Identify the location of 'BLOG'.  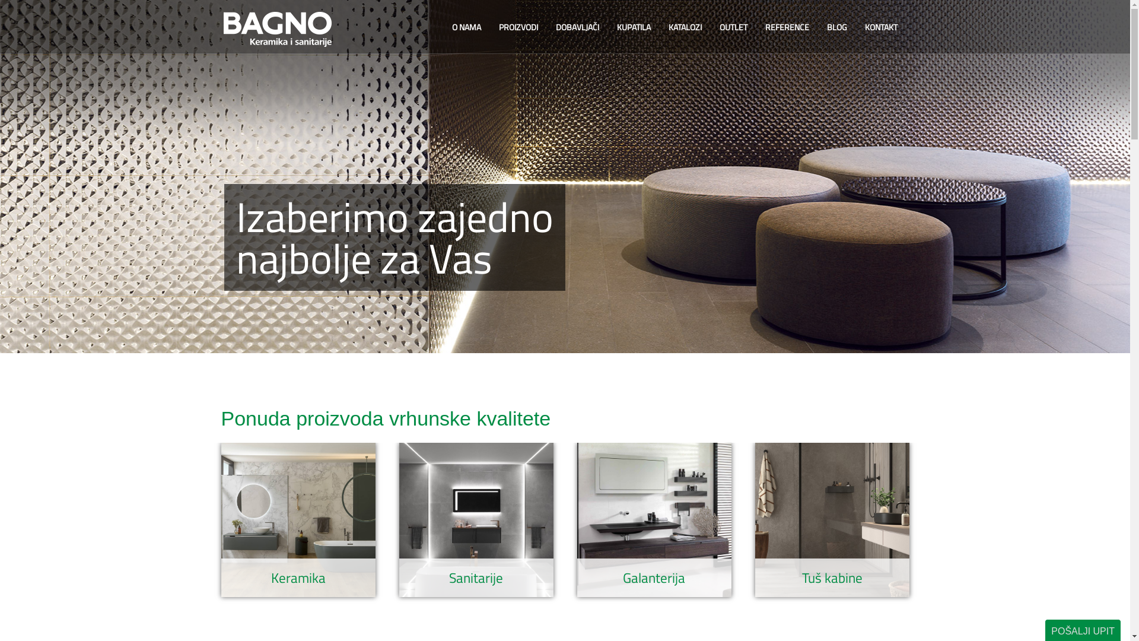
(816, 27).